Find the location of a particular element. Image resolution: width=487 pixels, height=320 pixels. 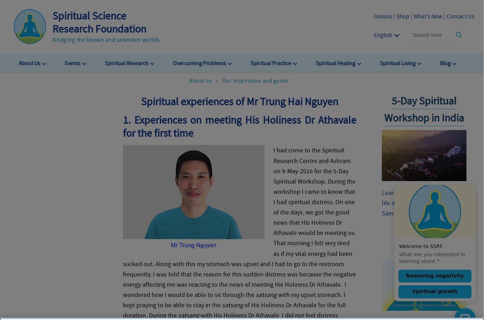

'English' is located at coordinates (382, 34).